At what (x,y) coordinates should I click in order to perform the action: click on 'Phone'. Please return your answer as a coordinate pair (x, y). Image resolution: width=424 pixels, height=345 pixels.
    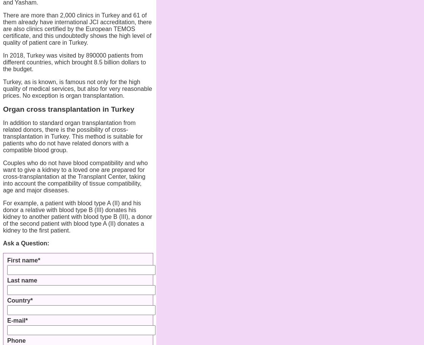
    Looking at the image, I should click on (16, 340).